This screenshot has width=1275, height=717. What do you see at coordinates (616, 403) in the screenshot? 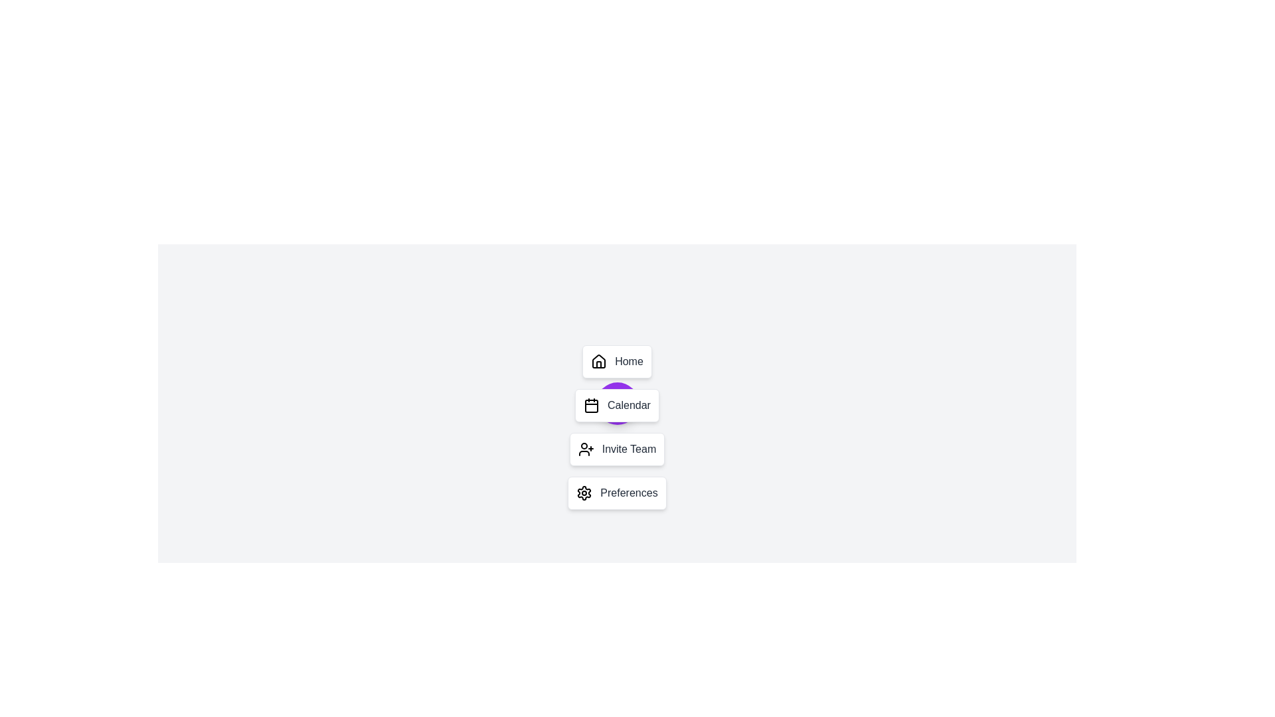
I see `the circular purple button with white accents for accessibility navigation` at bounding box center [616, 403].